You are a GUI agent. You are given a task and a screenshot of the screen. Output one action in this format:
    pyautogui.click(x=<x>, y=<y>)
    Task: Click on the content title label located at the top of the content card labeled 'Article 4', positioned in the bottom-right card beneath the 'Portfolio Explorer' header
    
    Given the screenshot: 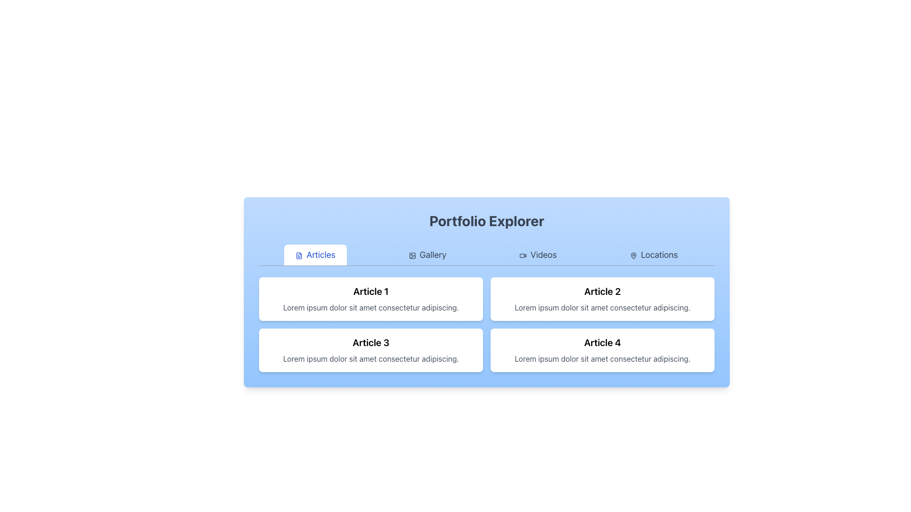 What is the action you would take?
    pyautogui.click(x=602, y=342)
    